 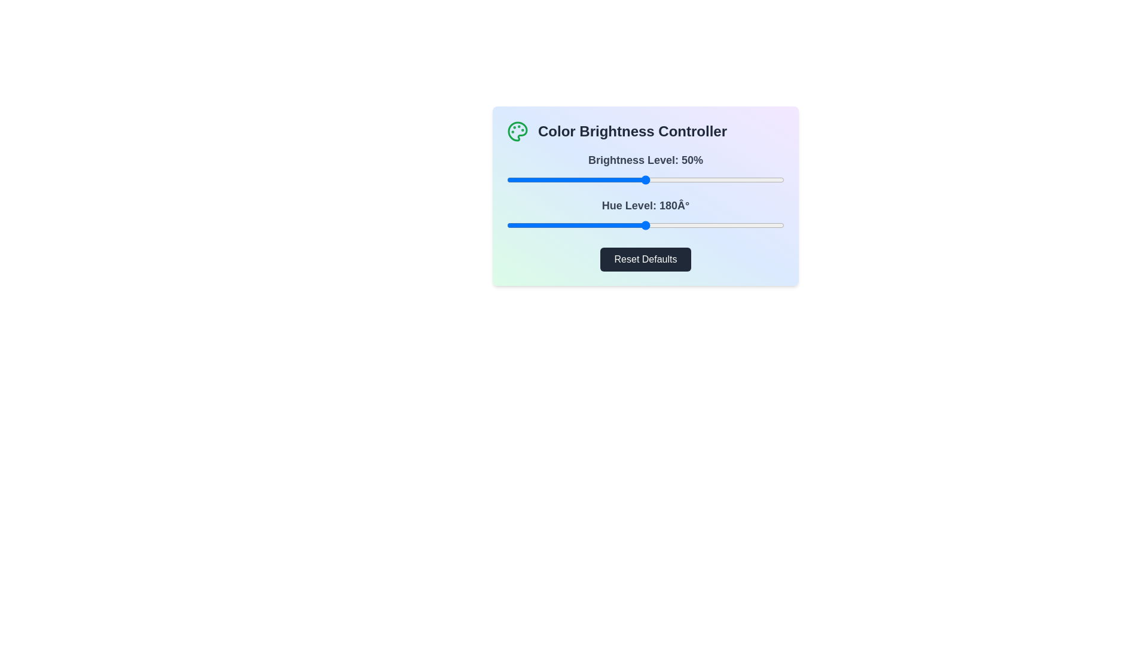 I want to click on the brightness slider to 52%, so click(x=651, y=179).